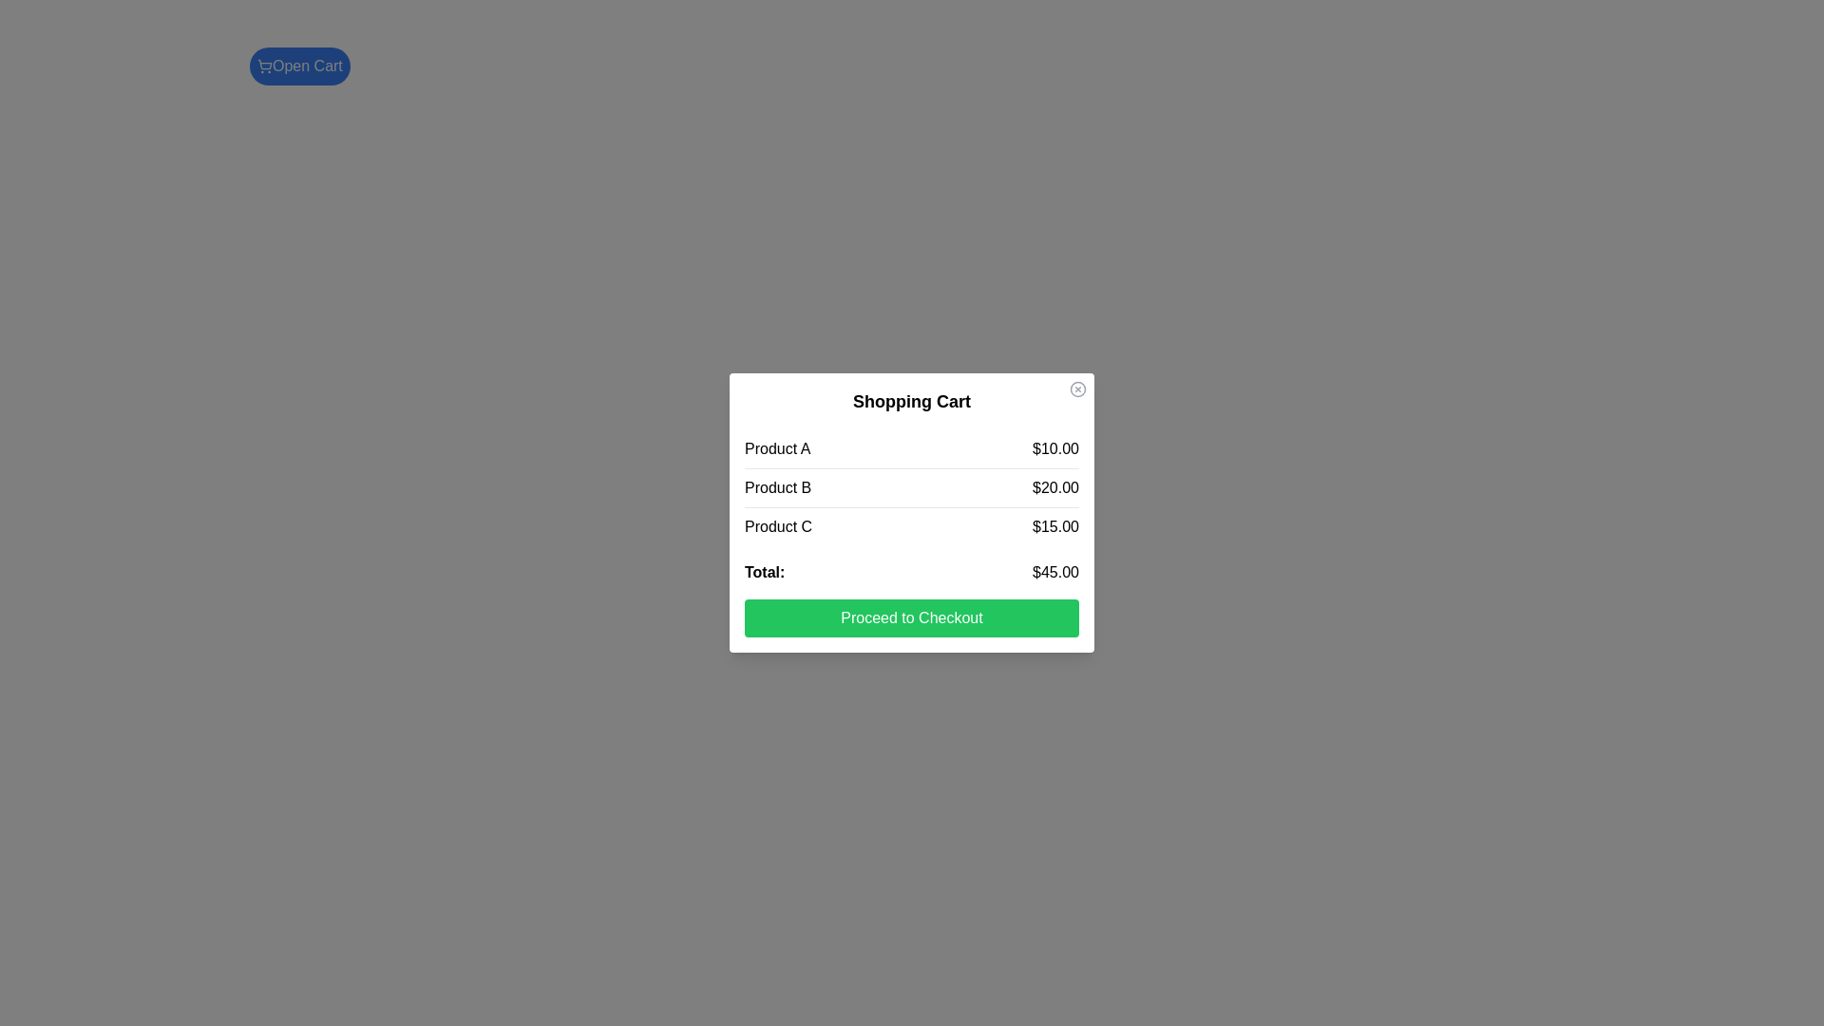 The width and height of the screenshot is (1824, 1026). Describe the element at coordinates (263, 65) in the screenshot. I see `the shopping cart icon, which is a white outline on a blue circular background` at that location.